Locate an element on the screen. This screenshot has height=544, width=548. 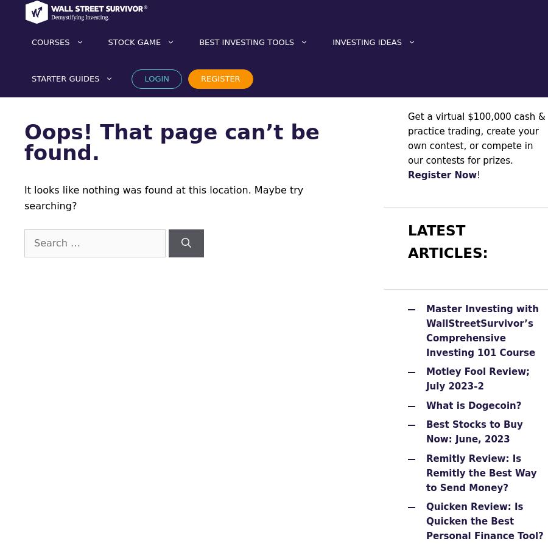
'Quicken Review: Is Quicken the Best Personal Finance Tool?' is located at coordinates (484, 520).